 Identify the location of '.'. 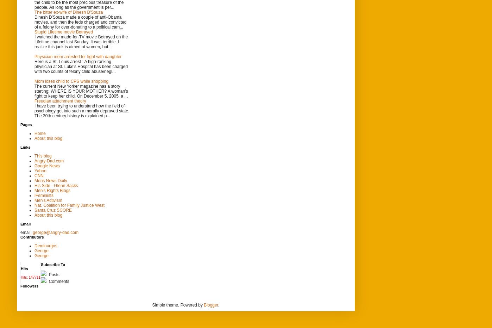
(218, 304).